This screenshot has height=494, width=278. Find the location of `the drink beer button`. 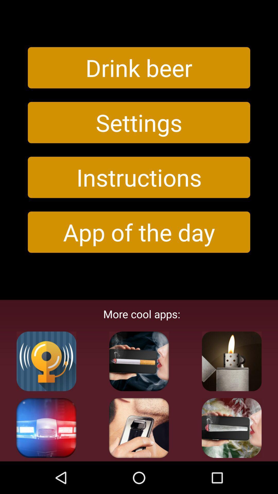

the drink beer button is located at coordinates (139, 67).